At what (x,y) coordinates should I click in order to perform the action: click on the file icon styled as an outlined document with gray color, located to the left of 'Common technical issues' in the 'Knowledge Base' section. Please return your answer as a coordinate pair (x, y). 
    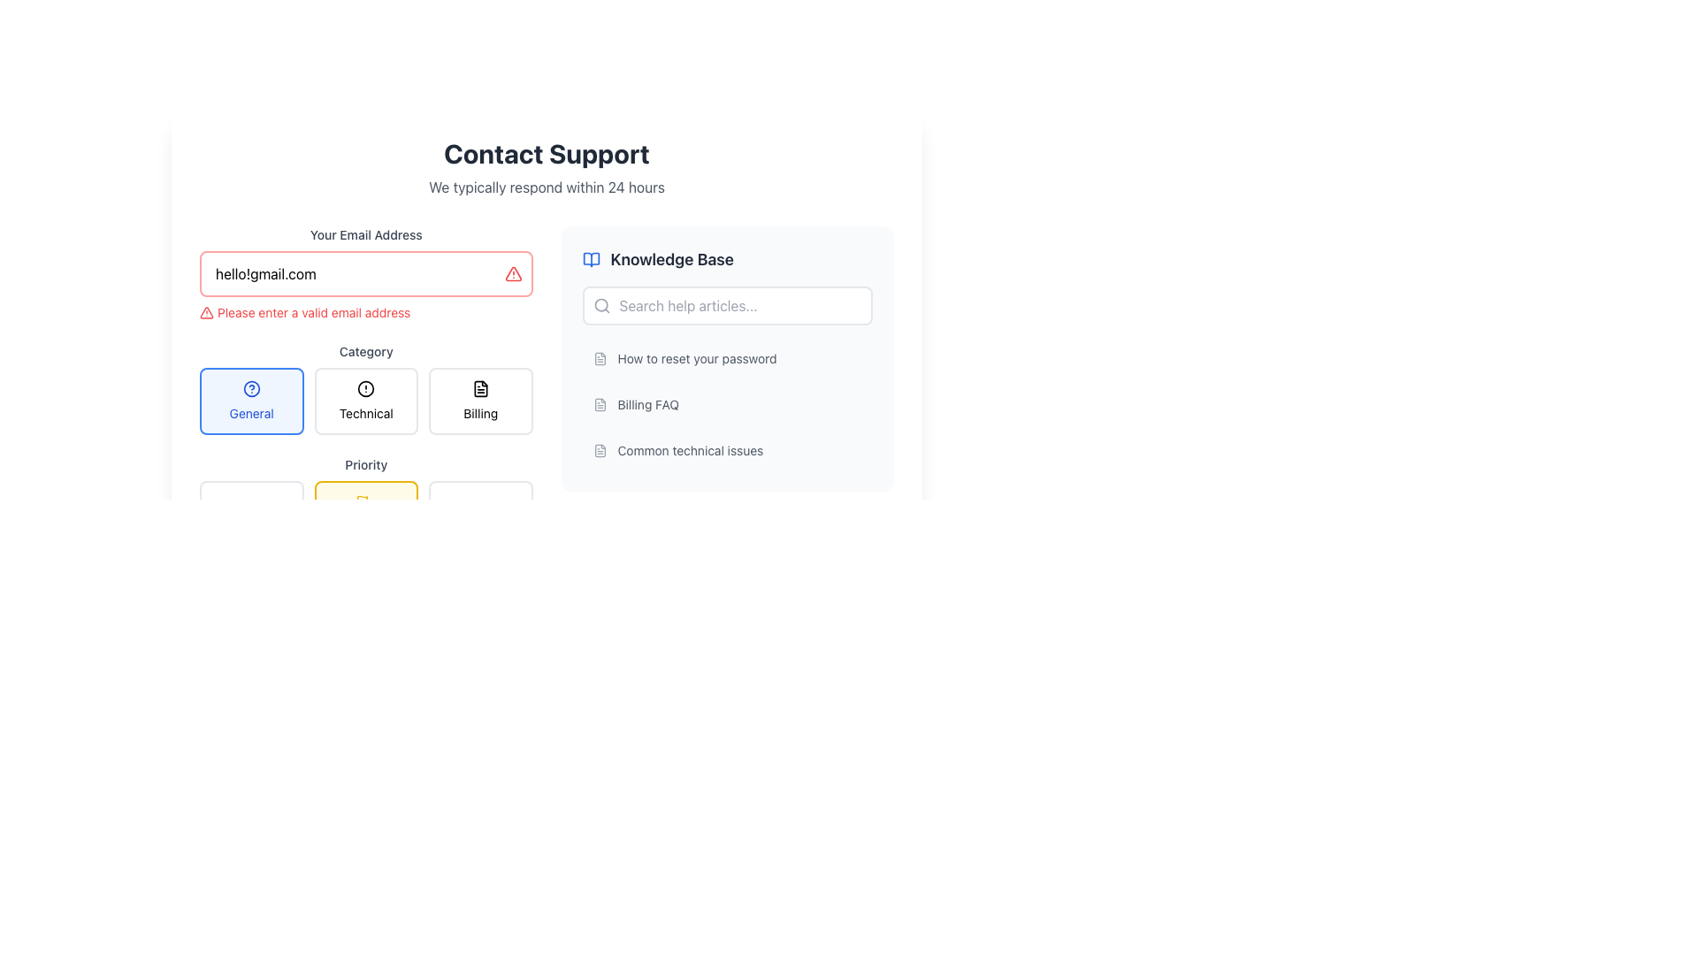
    Looking at the image, I should click on (600, 449).